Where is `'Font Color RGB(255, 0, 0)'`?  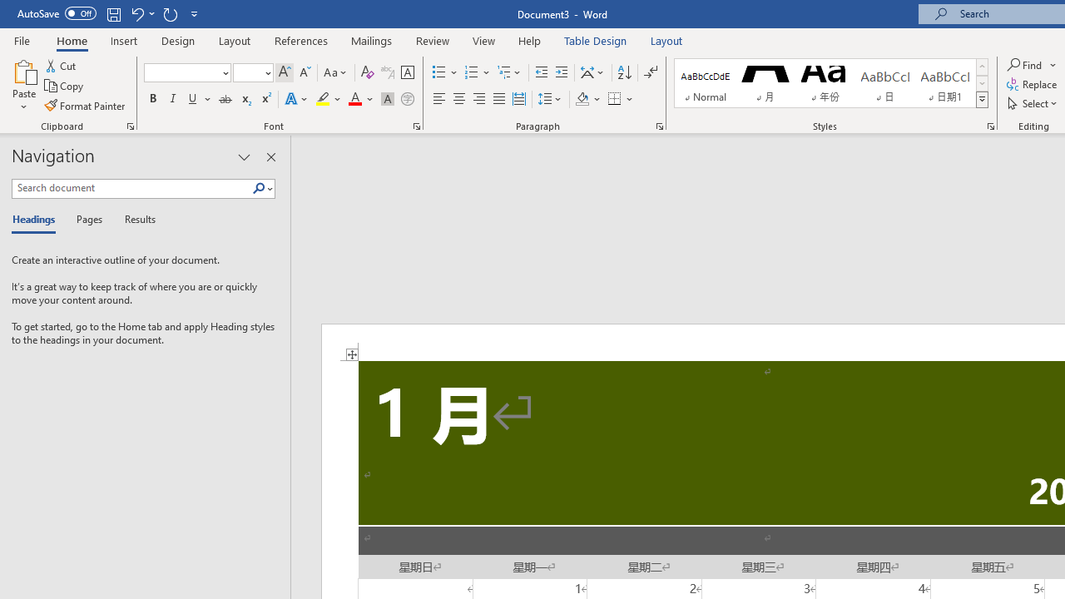
'Font Color RGB(255, 0, 0)' is located at coordinates (354, 99).